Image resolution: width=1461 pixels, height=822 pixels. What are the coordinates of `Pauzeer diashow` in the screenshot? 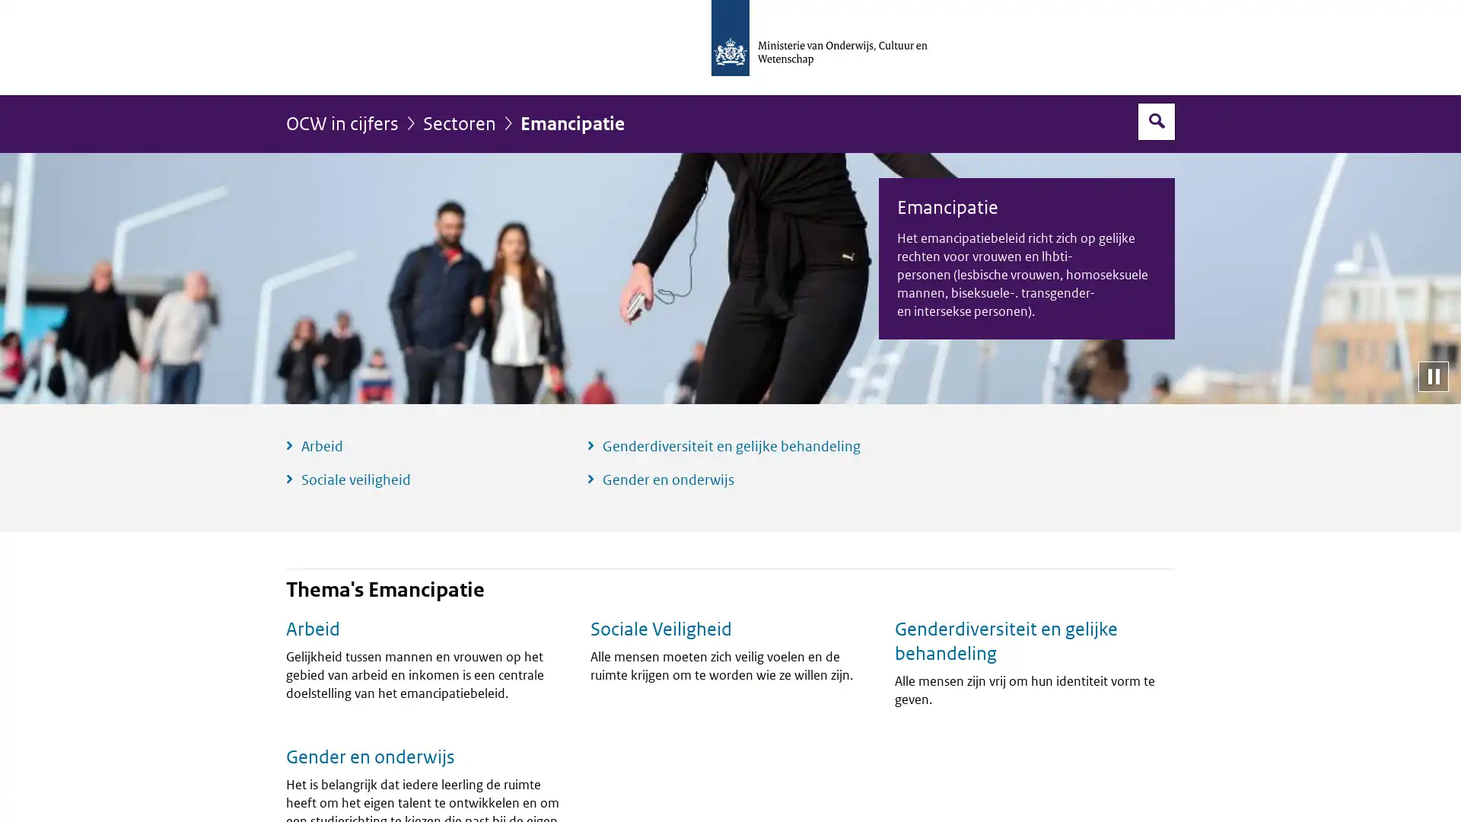 It's located at (1432, 375).